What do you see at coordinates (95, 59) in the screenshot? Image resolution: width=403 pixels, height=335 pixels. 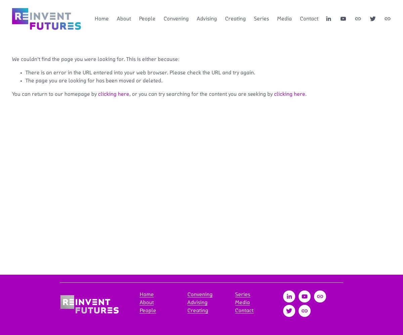 I see `'We couldn't find the page you were looking for. This is either because:'` at bounding box center [95, 59].